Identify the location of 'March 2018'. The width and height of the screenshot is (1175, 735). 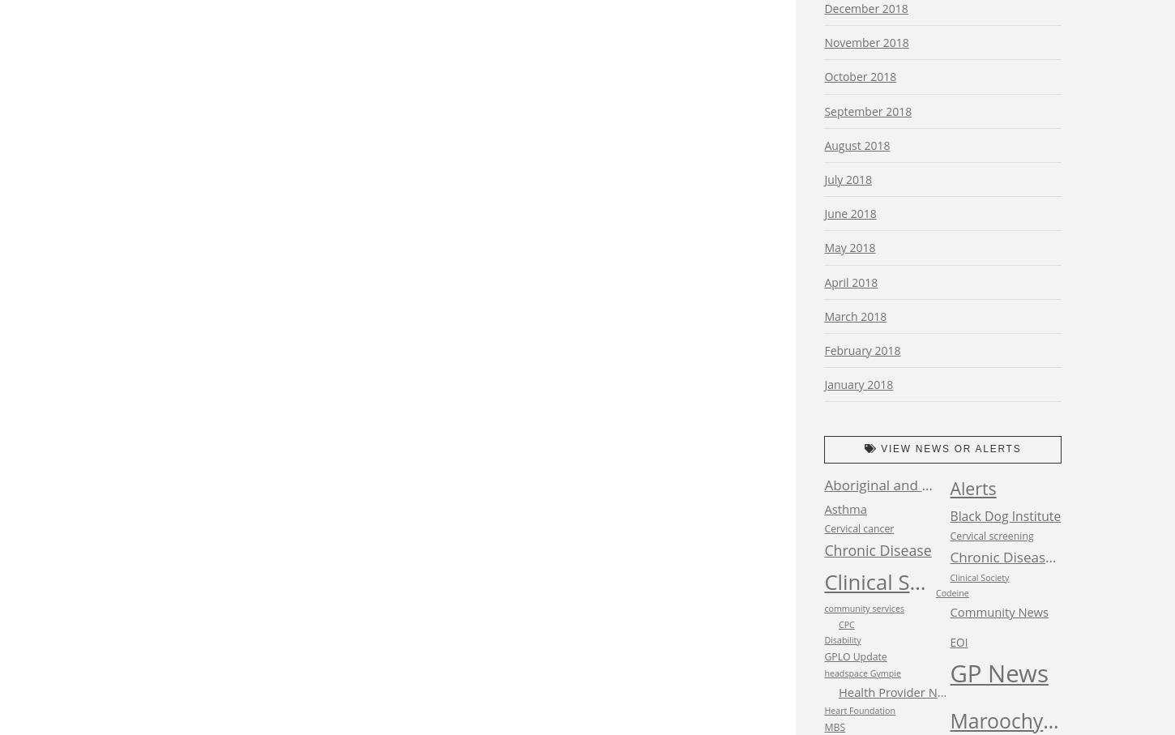
(855, 315).